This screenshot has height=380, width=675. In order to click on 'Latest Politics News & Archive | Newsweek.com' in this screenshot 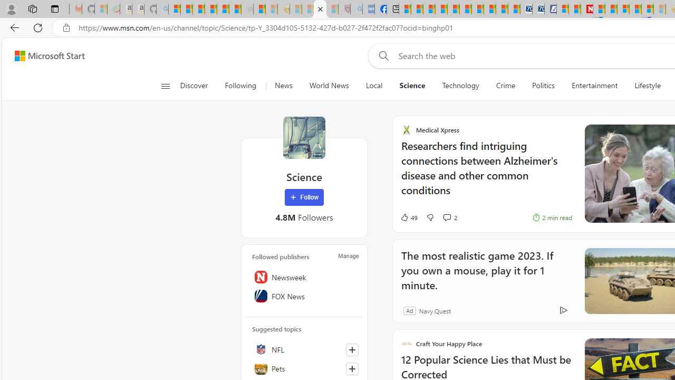, I will do `click(586, 9)`.